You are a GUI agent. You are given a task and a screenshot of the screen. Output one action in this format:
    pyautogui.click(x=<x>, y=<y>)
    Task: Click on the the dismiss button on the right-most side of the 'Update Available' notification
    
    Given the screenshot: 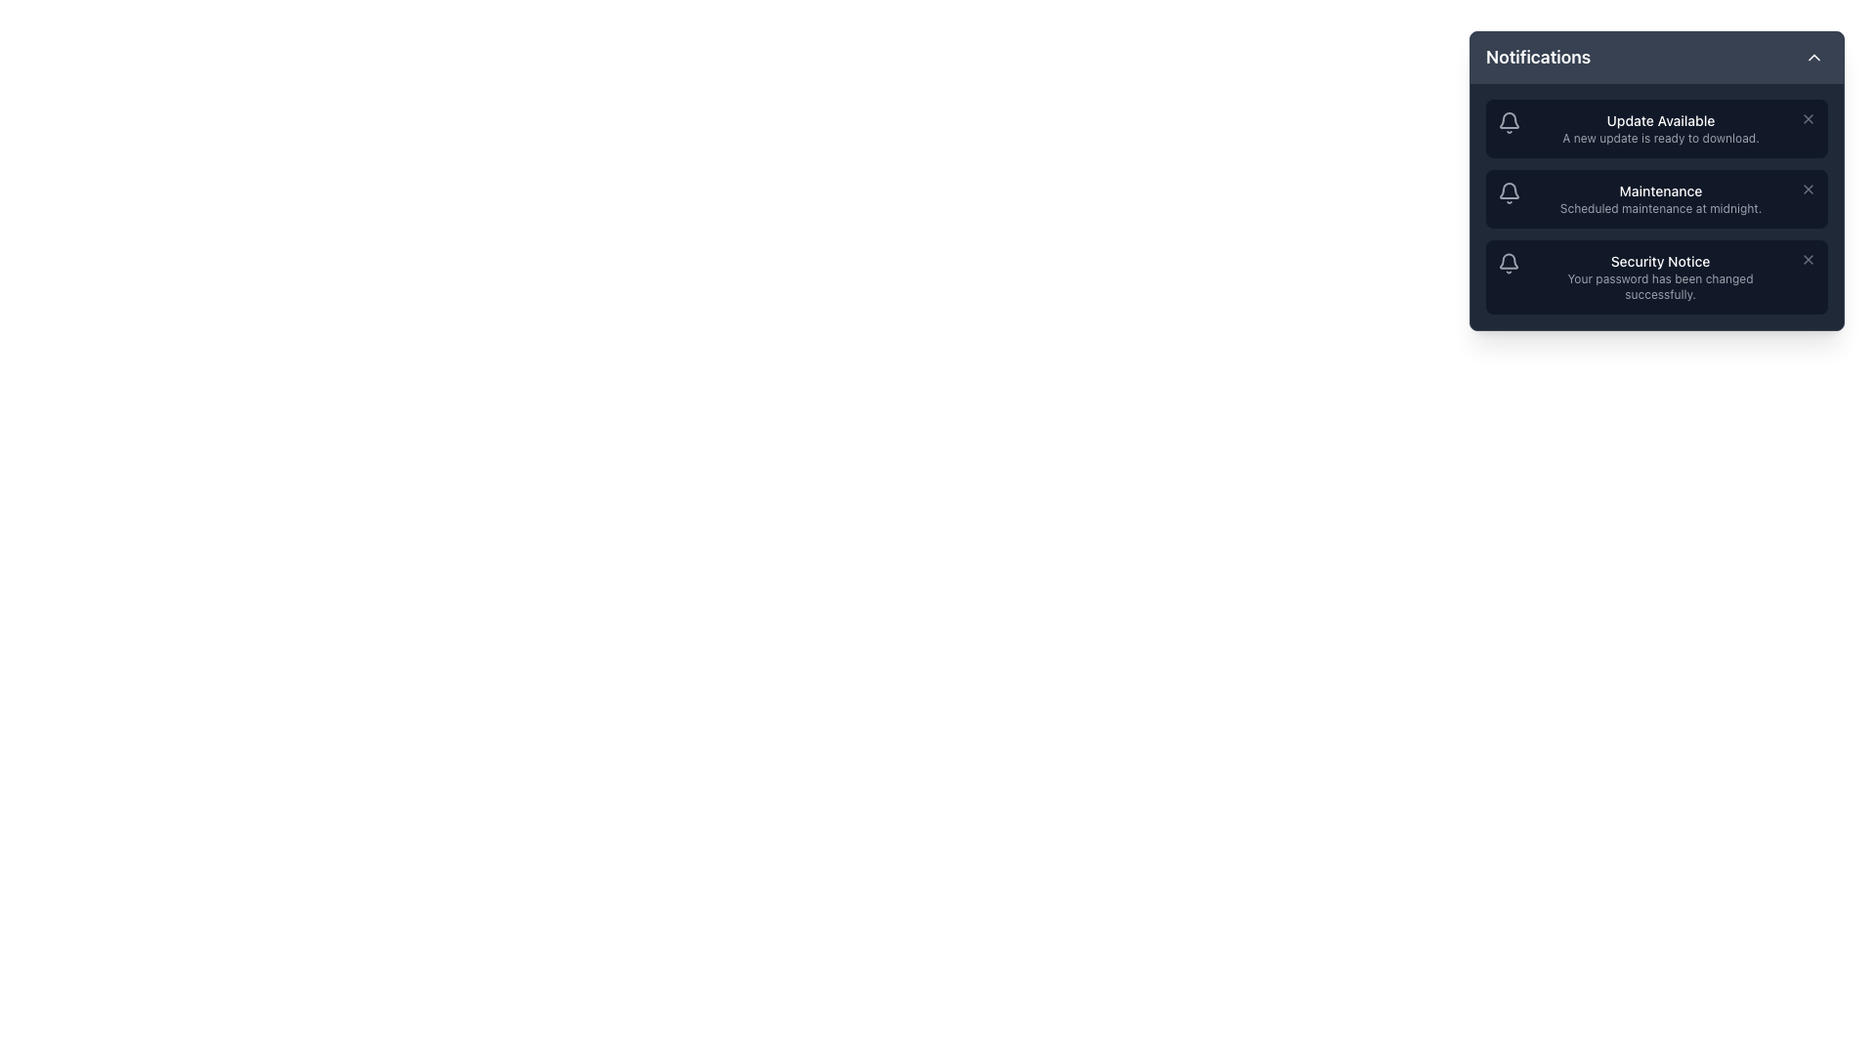 What is the action you would take?
    pyautogui.click(x=1808, y=119)
    